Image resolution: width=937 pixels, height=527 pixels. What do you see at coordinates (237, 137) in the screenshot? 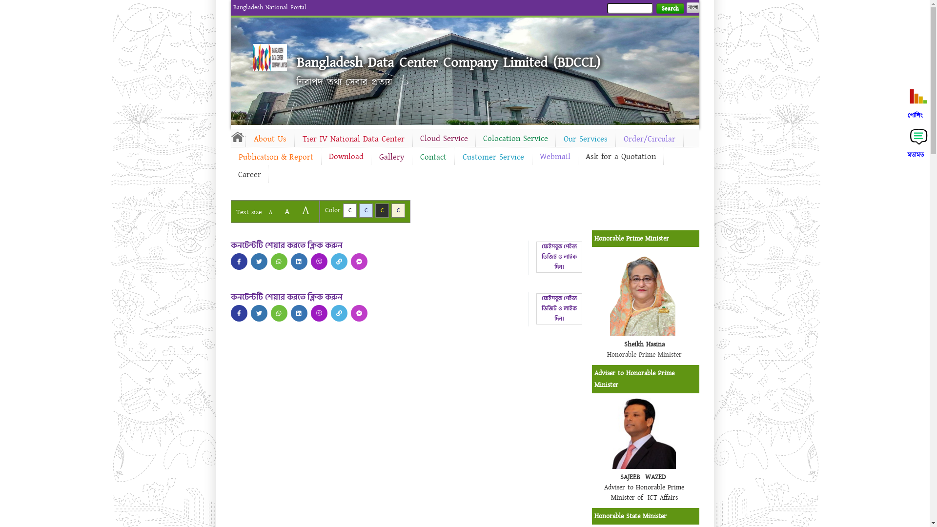
I see `'Home'` at bounding box center [237, 137].